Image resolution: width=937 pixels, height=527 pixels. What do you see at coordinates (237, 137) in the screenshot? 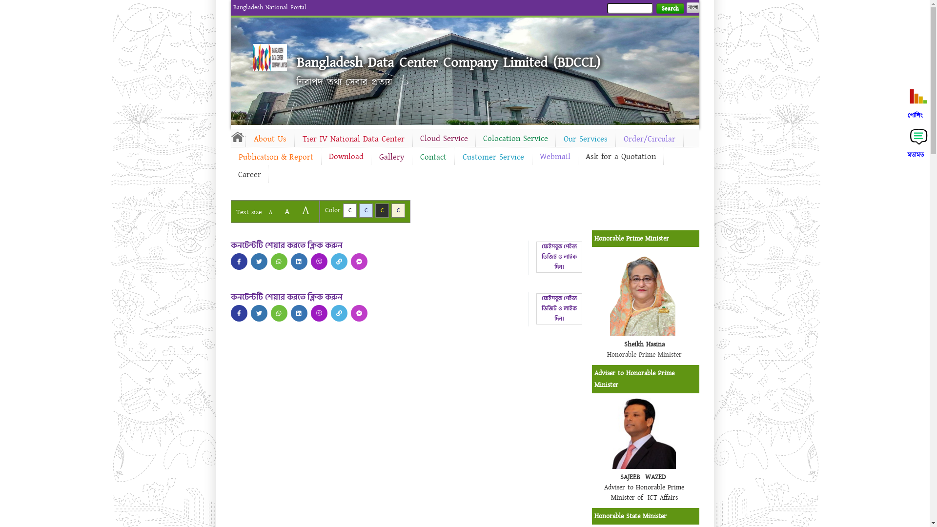
I see `'Home'` at bounding box center [237, 137].